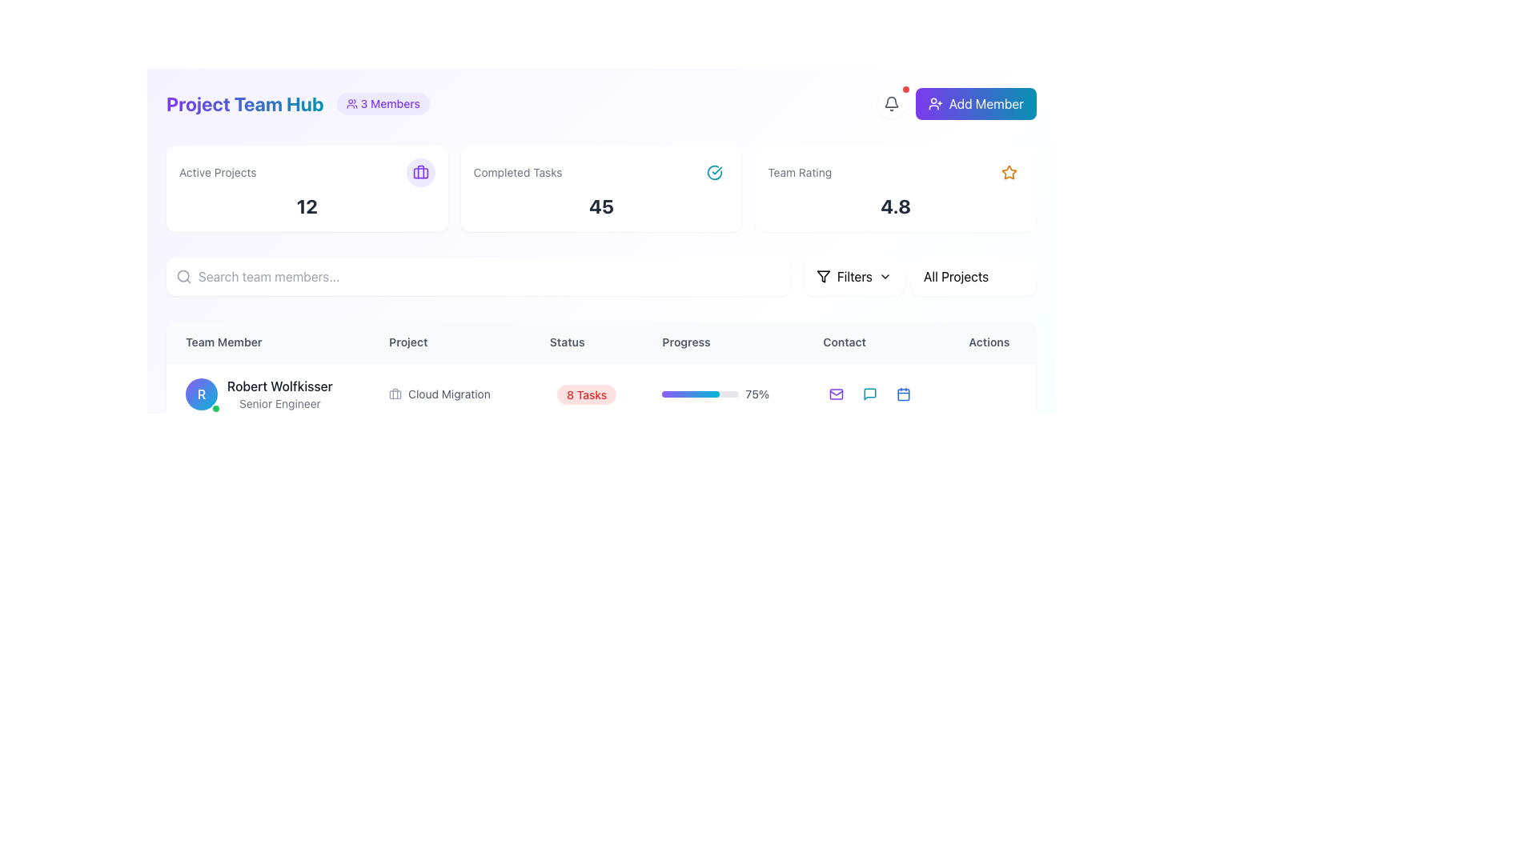 The image size is (1537, 864). I want to click on the user group icon representing team or membership counts, located to the left of the text '3 Members' in the top-left section of the interface, so click(351, 104).